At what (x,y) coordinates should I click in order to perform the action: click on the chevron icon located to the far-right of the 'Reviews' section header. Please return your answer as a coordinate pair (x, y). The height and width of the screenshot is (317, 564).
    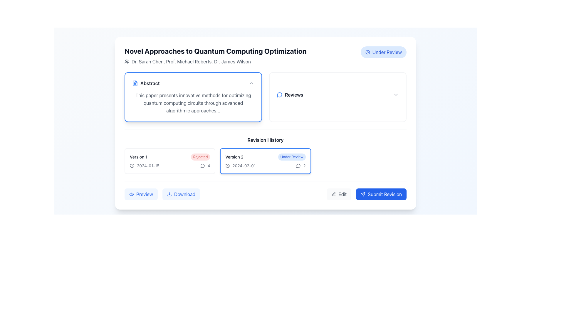
    Looking at the image, I should click on (396, 95).